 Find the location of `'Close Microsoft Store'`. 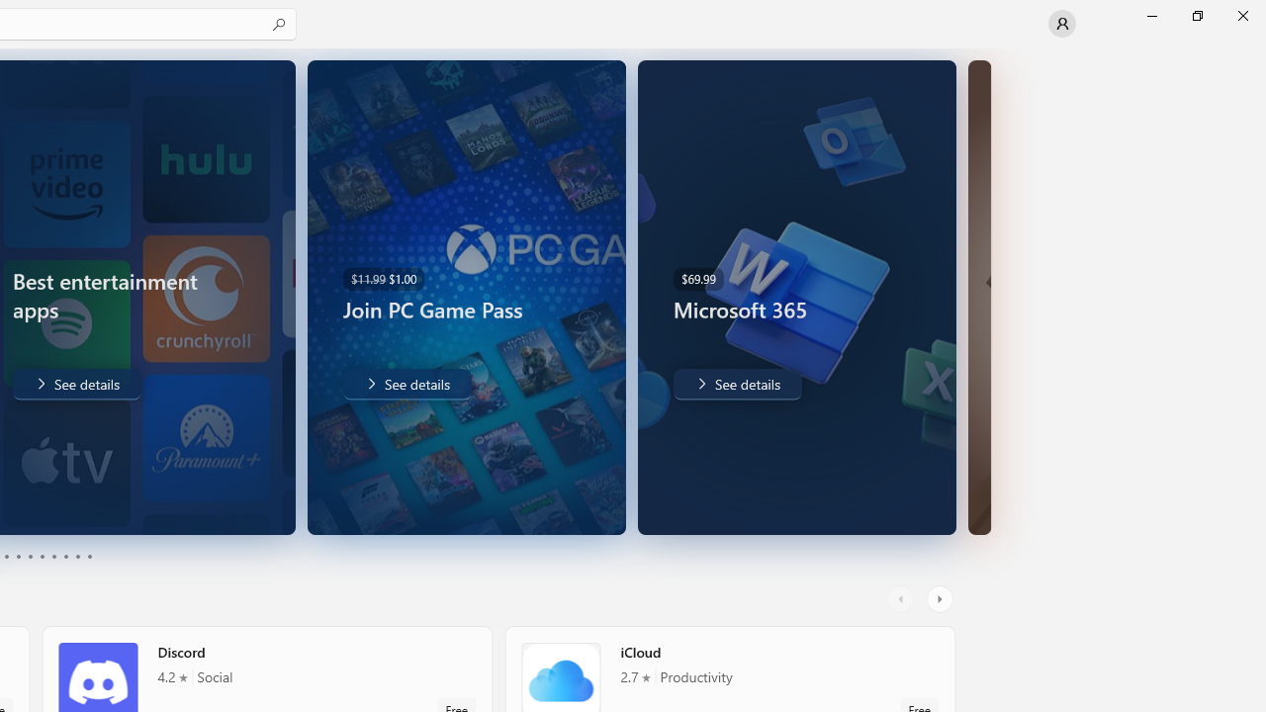

'Close Microsoft Store' is located at coordinates (1241, 15).